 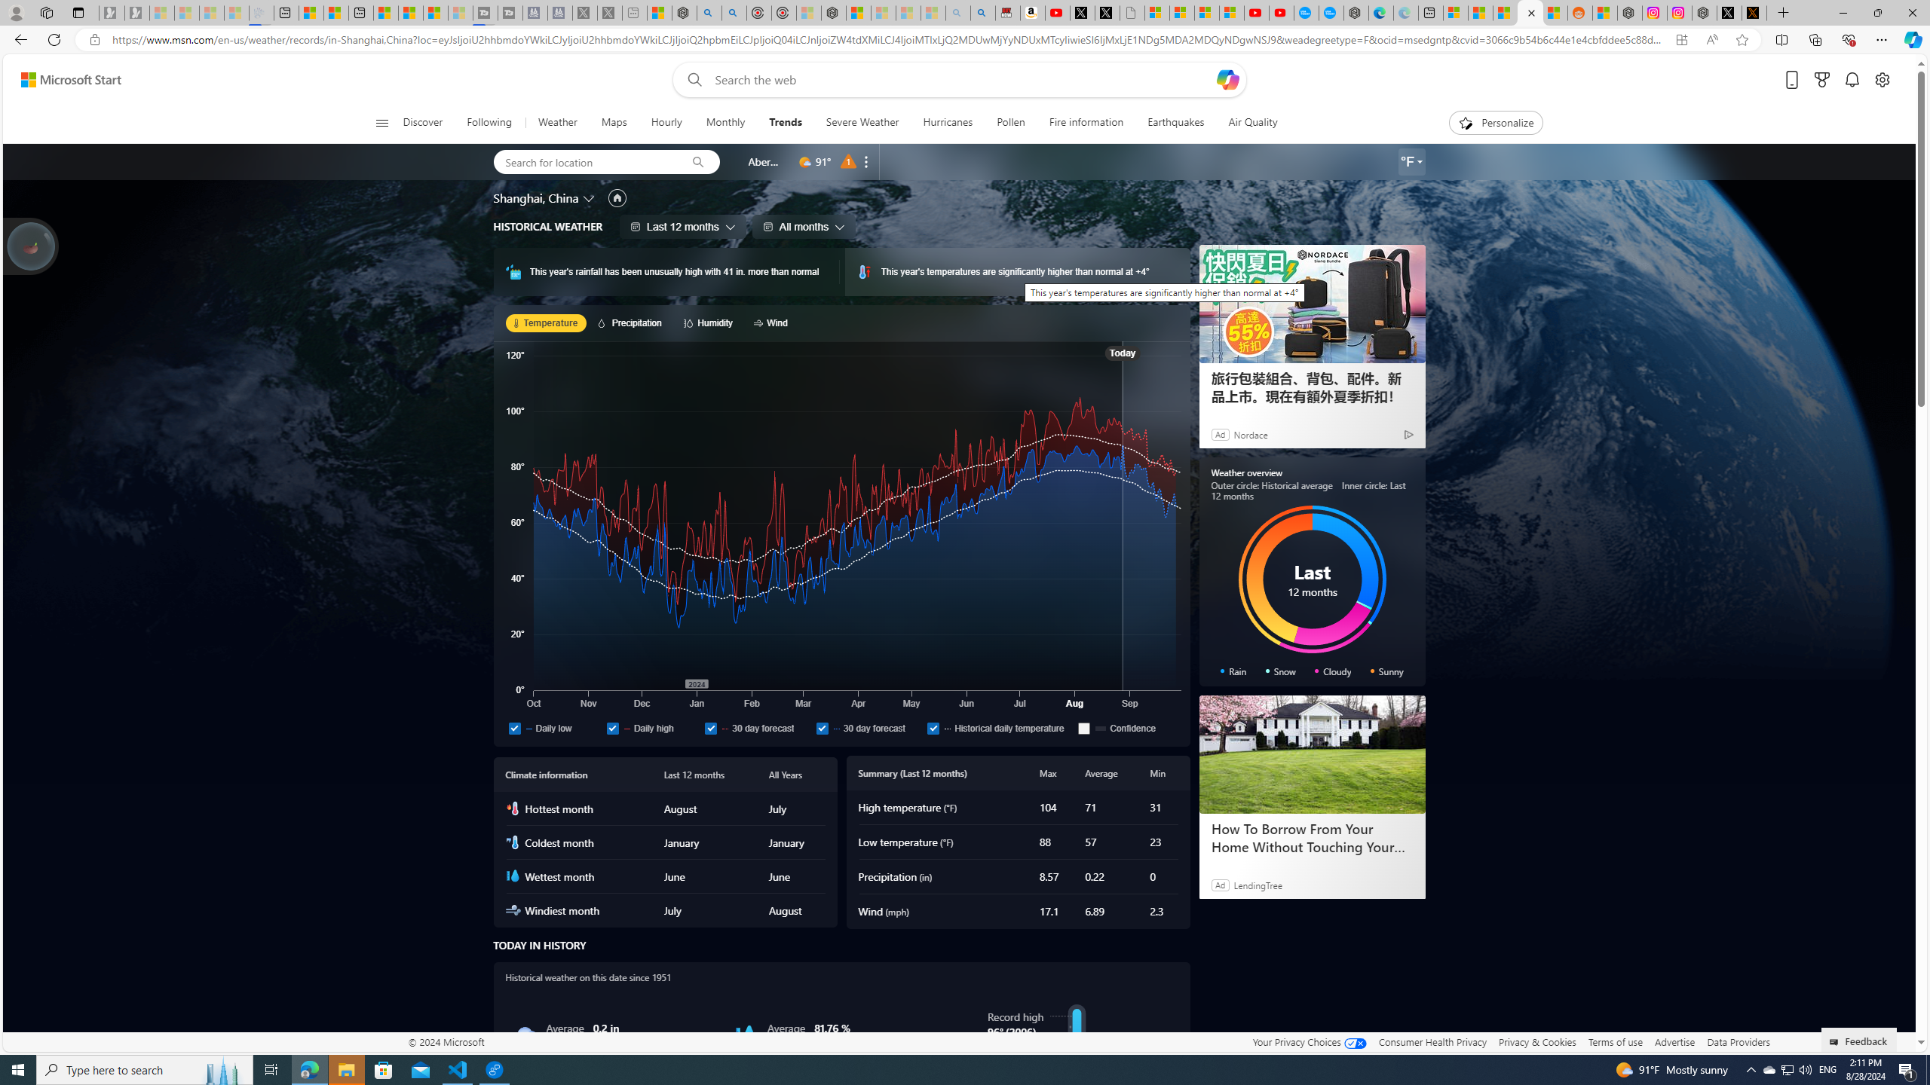 What do you see at coordinates (1432, 1041) in the screenshot?
I see `'Consumer Health Privacy'` at bounding box center [1432, 1041].